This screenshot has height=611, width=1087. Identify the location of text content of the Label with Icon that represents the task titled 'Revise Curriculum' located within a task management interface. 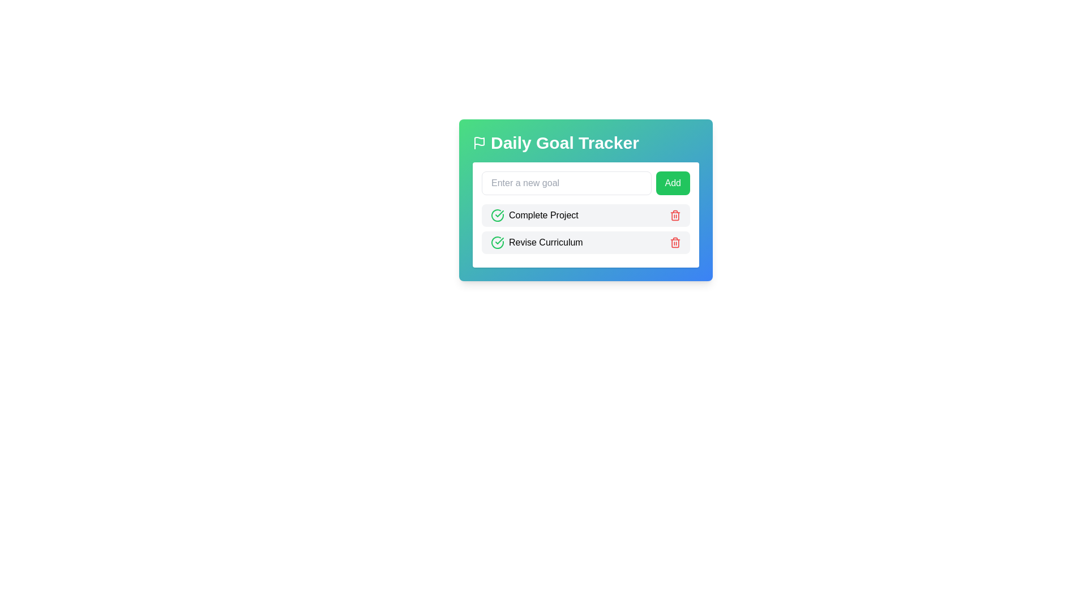
(536, 242).